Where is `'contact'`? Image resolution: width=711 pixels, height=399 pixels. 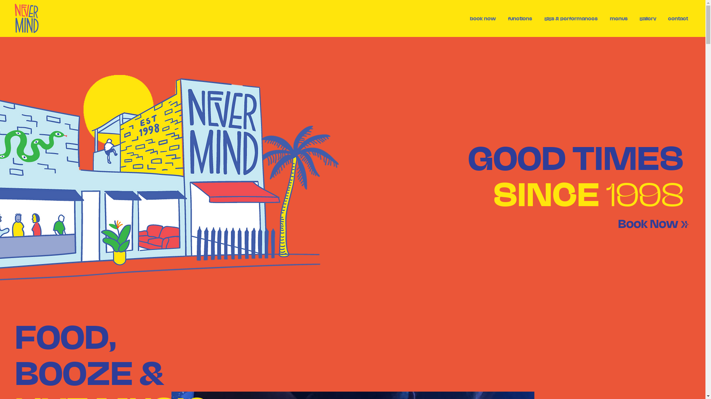 'contact' is located at coordinates (678, 18).